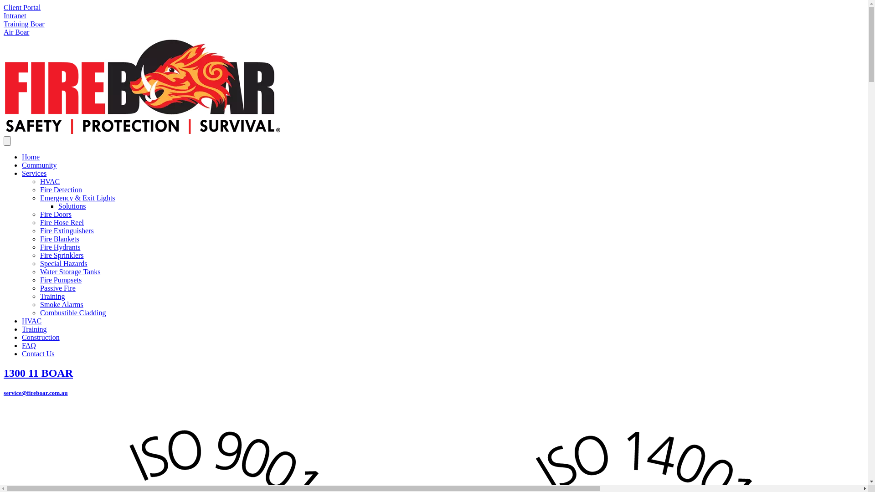 The width and height of the screenshot is (875, 492). Describe the element at coordinates (31, 320) in the screenshot. I see `'HVAC'` at that location.